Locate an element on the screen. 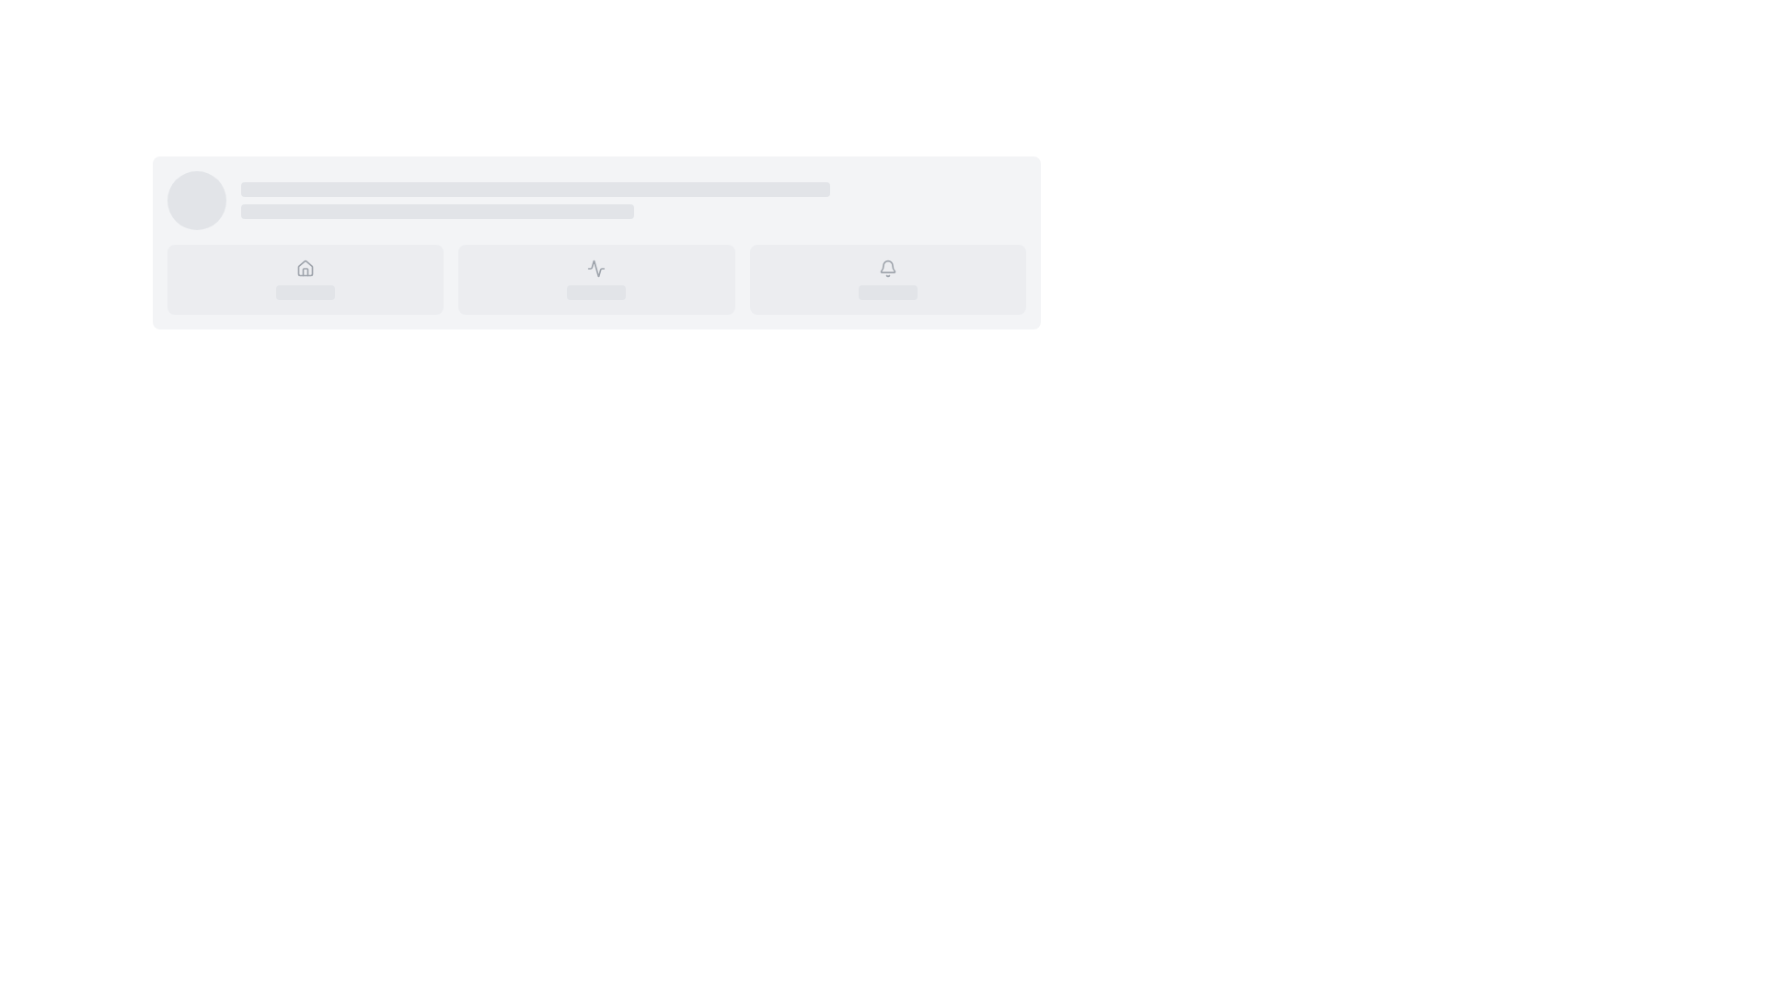  the 'Home' navigation icon, which is the first icon in a horizontally aligned group of icons is located at coordinates (306, 268).